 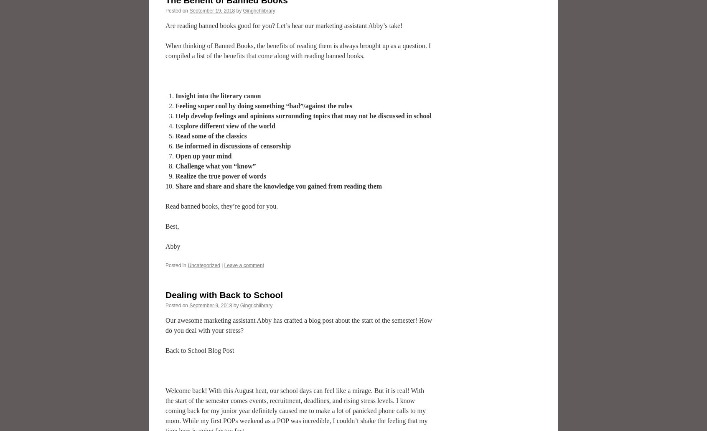 What do you see at coordinates (175, 265) in the screenshot?
I see `'Posted in'` at bounding box center [175, 265].